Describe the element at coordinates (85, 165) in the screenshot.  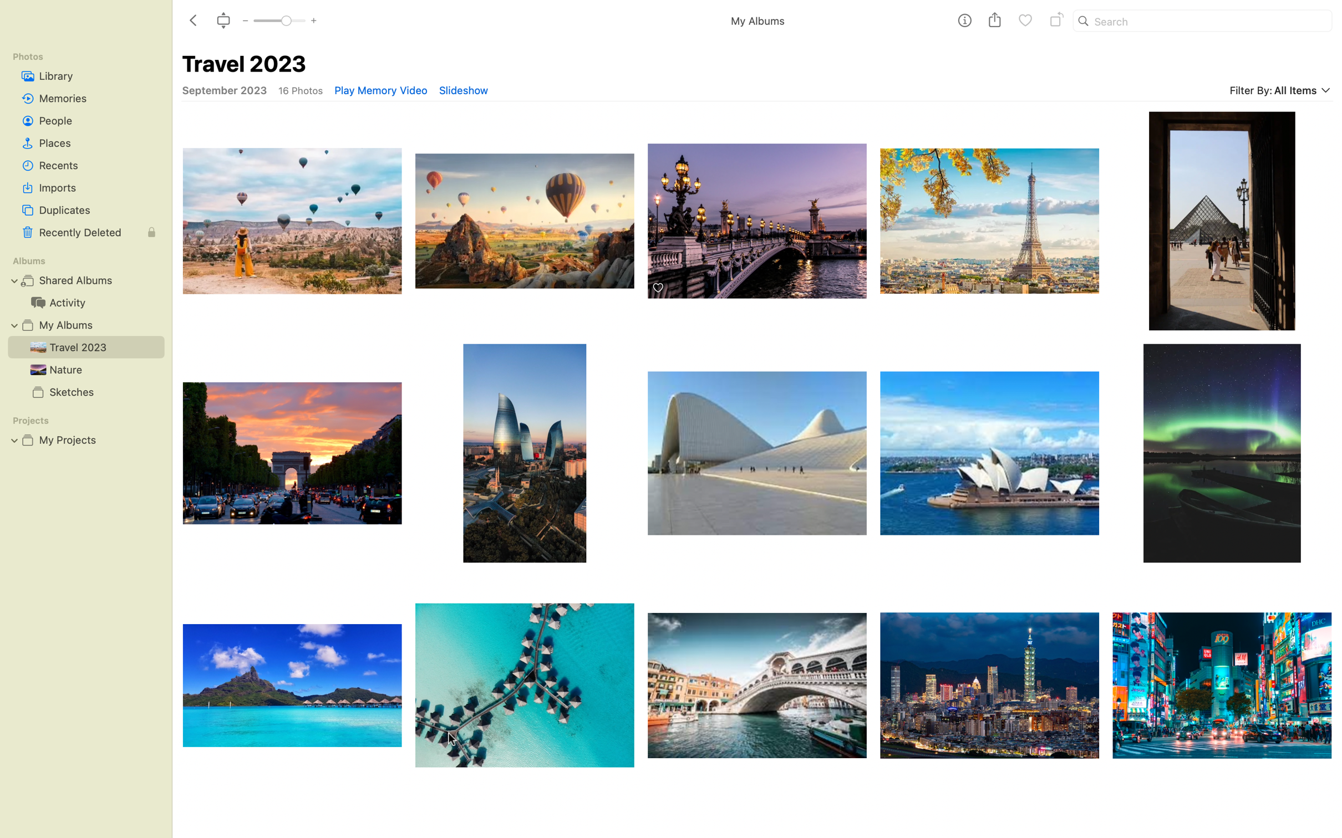
I see `the "Recents" album and maximize the images via the top toolbar` at that location.